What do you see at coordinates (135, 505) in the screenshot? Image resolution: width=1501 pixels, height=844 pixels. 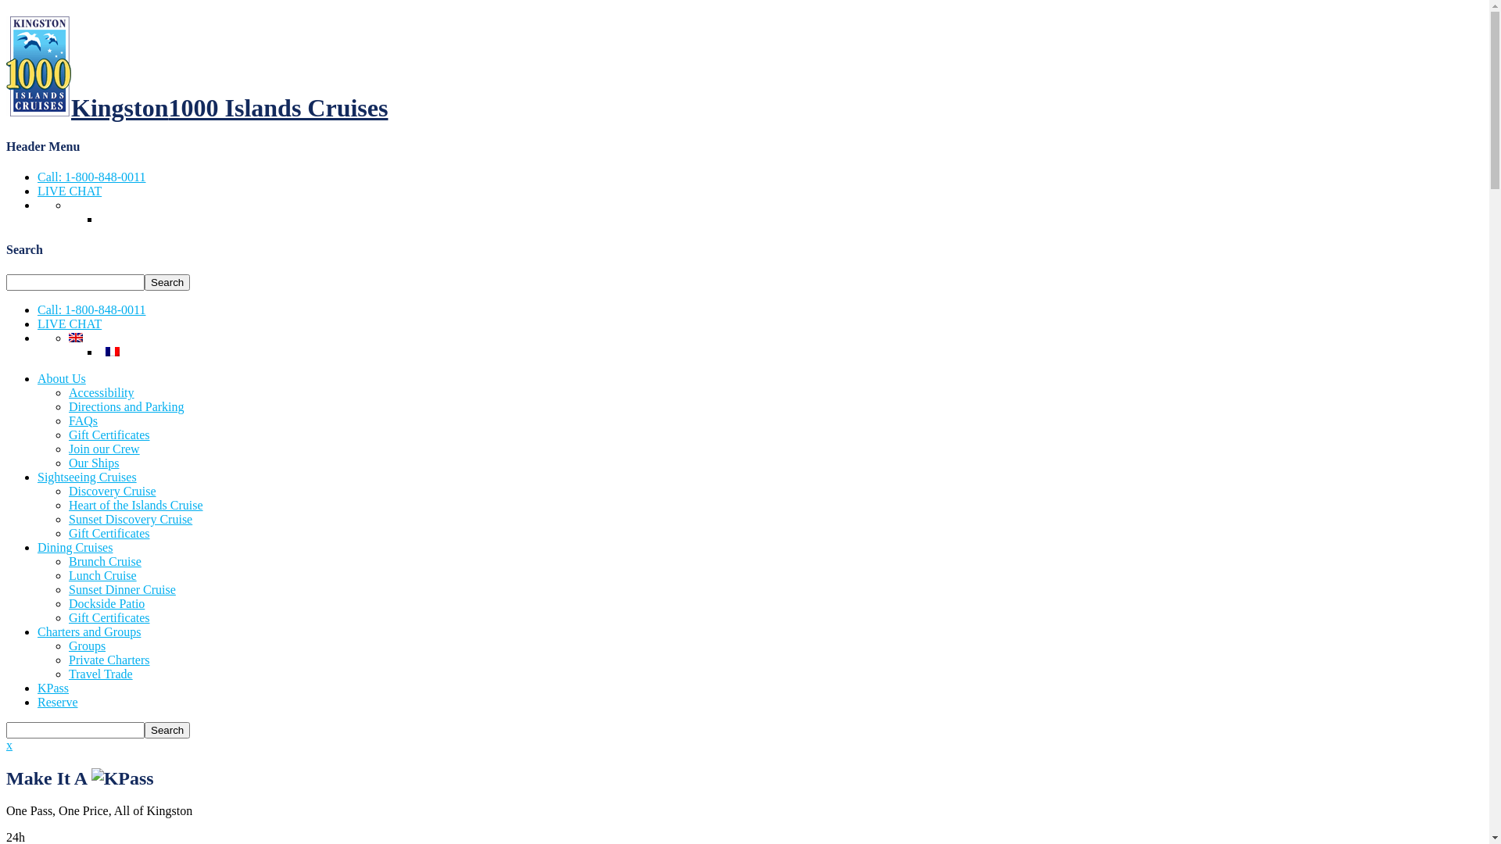 I see `'Heart of the Islands Cruise'` at bounding box center [135, 505].